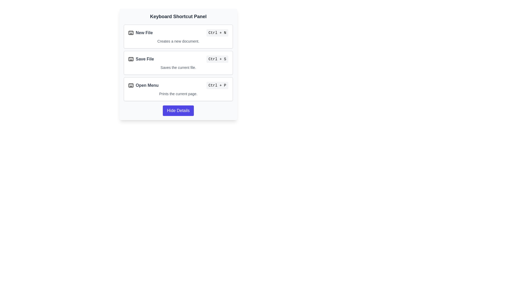  I want to click on the keyboard icon next to the 'Open Menu' text in the 'Keyboard Shortcut Panel', so click(131, 85).